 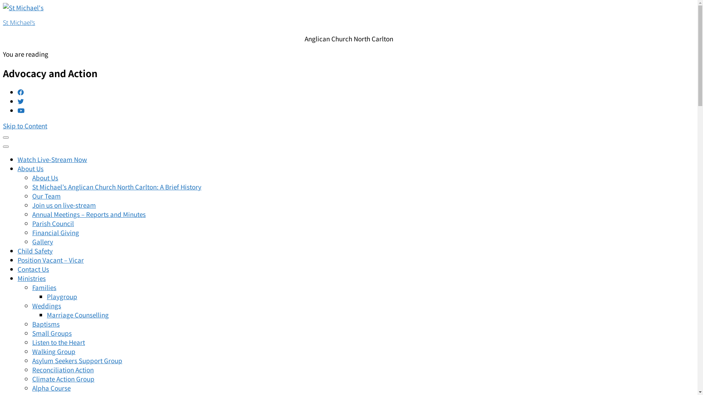 What do you see at coordinates (25, 125) in the screenshot?
I see `'Skip to Content'` at bounding box center [25, 125].